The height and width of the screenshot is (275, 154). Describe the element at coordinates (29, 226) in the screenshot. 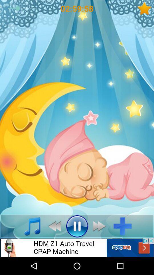

I see `the music icon` at that location.